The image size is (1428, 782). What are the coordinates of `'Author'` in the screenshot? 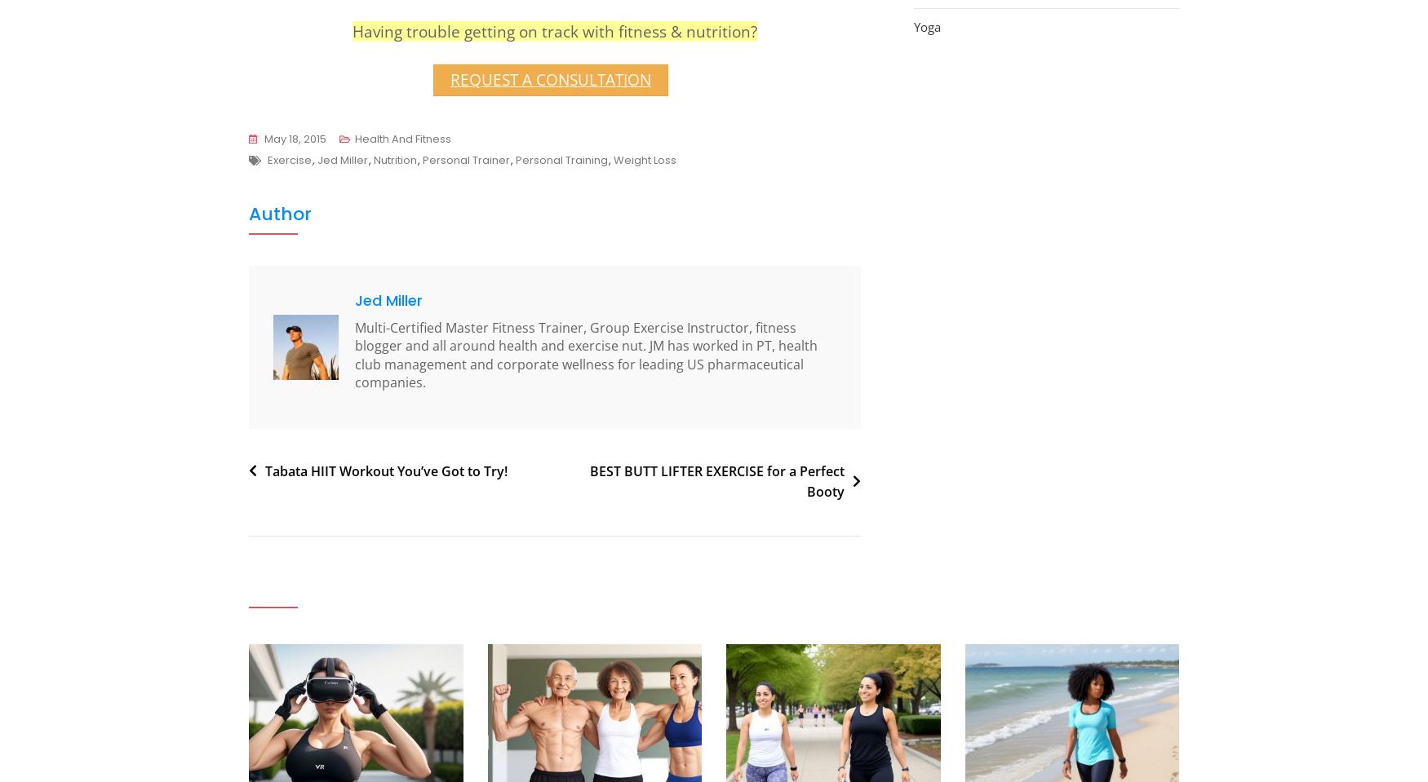 It's located at (248, 213).